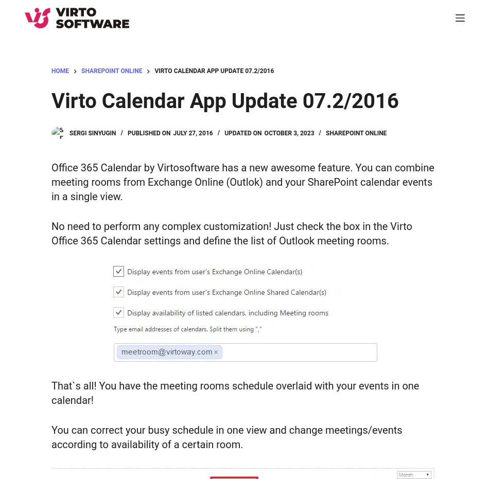 The height and width of the screenshot is (479, 489). What do you see at coordinates (151, 50) in the screenshot?
I see `','` at bounding box center [151, 50].